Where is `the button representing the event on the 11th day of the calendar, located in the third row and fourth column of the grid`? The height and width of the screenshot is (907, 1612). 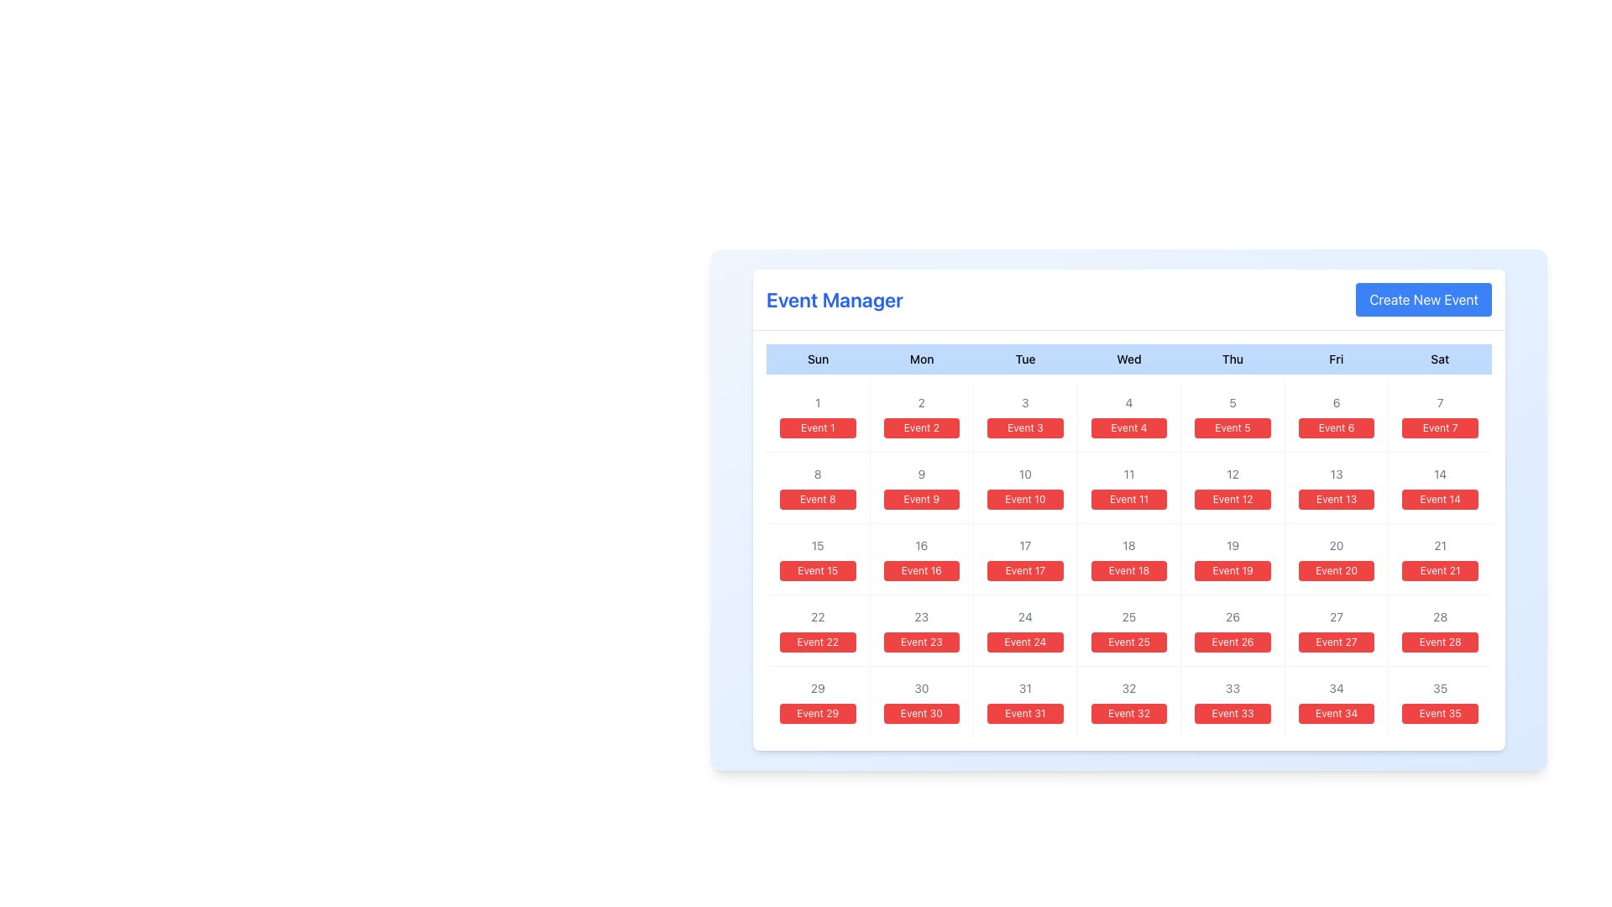 the button representing the event on the 11th day of the calendar, located in the third row and fourth column of the grid is located at coordinates (1128, 488).